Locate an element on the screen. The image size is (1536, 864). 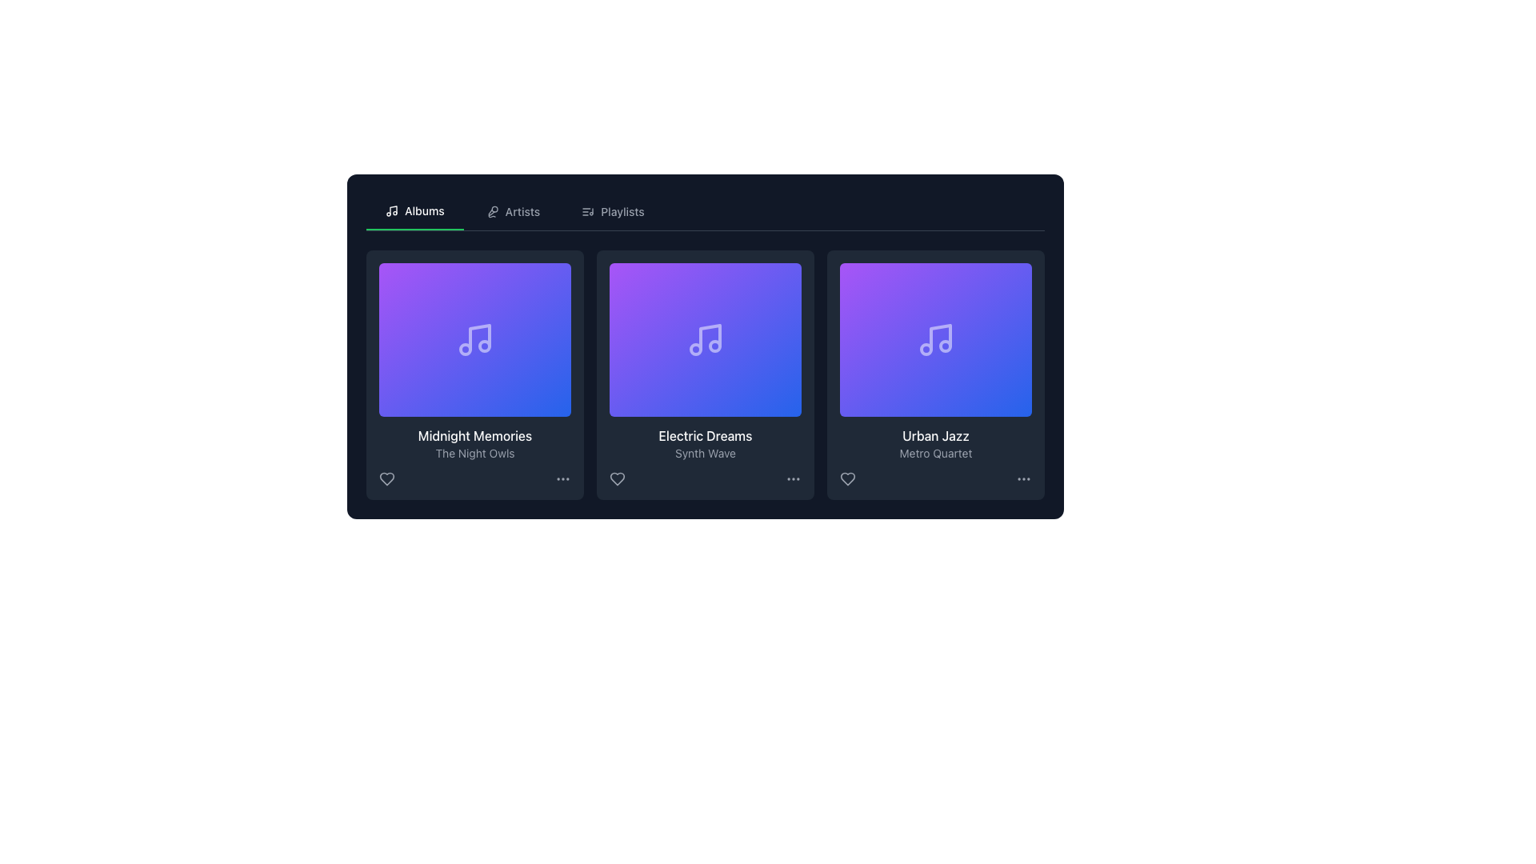
Play Button icon located at the bottom-right corner of the 'Midnight Memories' album card, which serves as a playback control for the associated media item is located at coordinates (549, 394).